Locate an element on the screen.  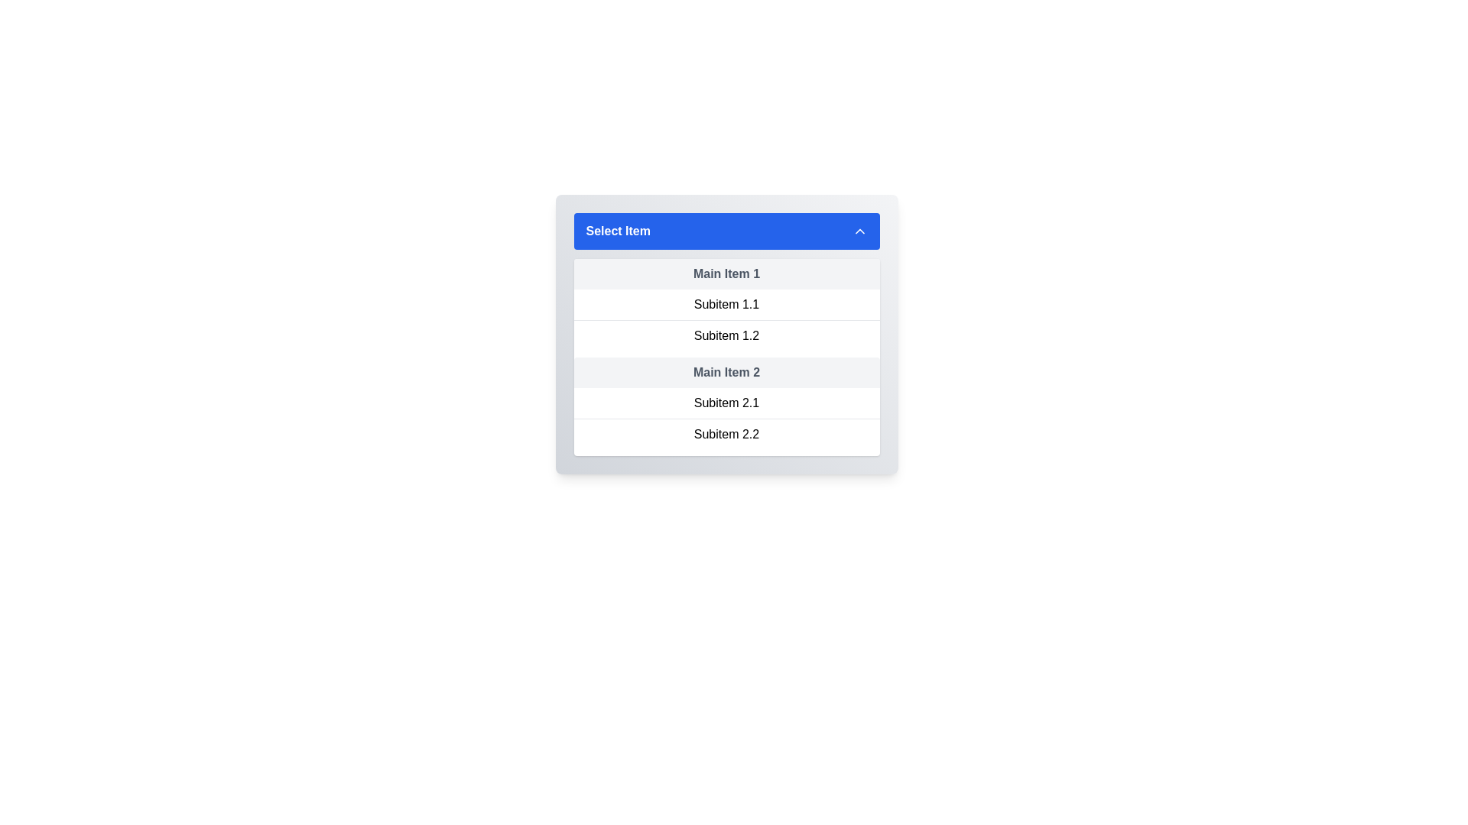
the label indicating the current selection for the dropdown menu, positioned on the left side of the blue-colored bar at the top of the dropdown, next to a down arrow icon is located at coordinates (618, 231).